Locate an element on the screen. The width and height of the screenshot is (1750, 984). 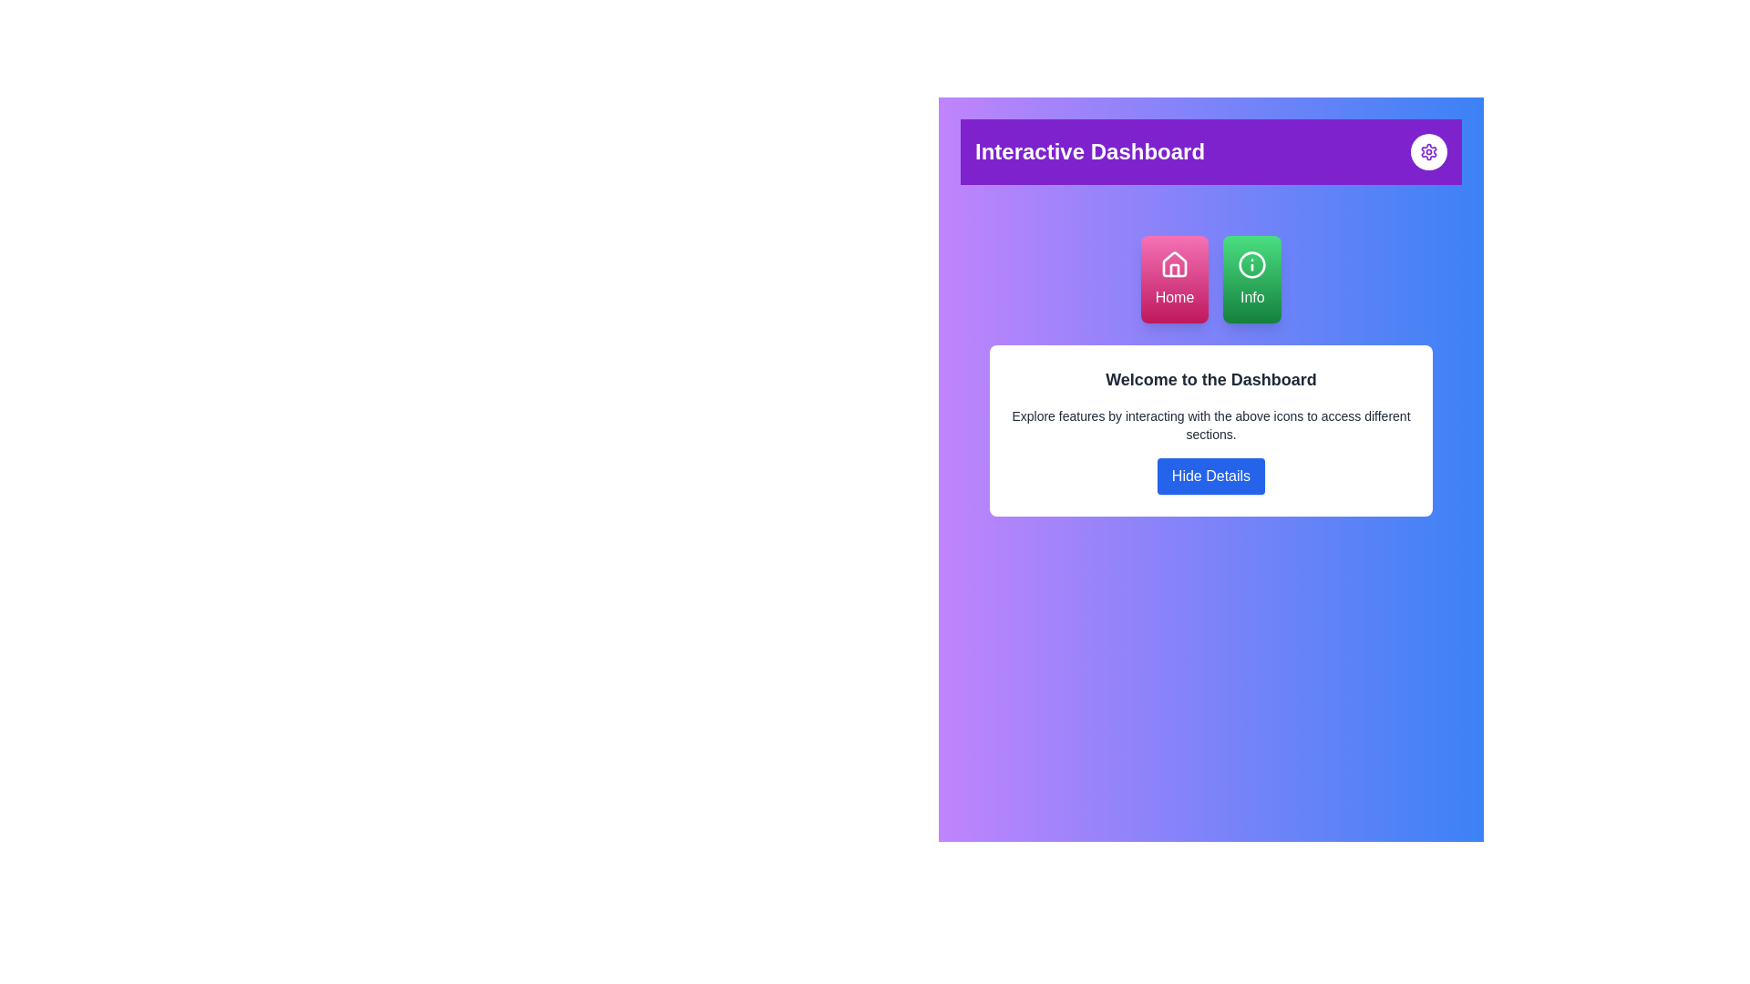
the 'Hide Details' button, which is a rectangular button with rounded corners, white text on a blue background, positioned below the text 'Explore features by interacting with the above icons is located at coordinates (1211, 476).